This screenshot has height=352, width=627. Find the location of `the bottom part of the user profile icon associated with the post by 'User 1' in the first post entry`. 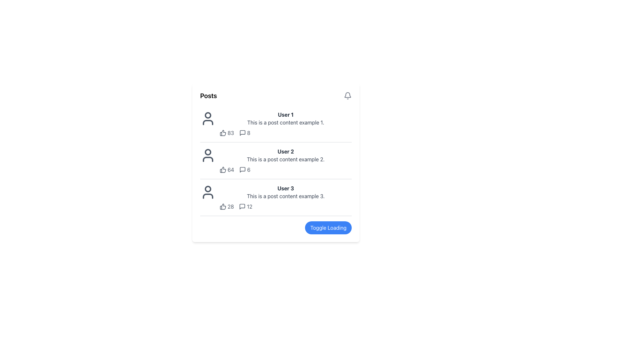

the bottom part of the user profile icon associated with the post by 'User 1' in the first post entry is located at coordinates (208, 122).